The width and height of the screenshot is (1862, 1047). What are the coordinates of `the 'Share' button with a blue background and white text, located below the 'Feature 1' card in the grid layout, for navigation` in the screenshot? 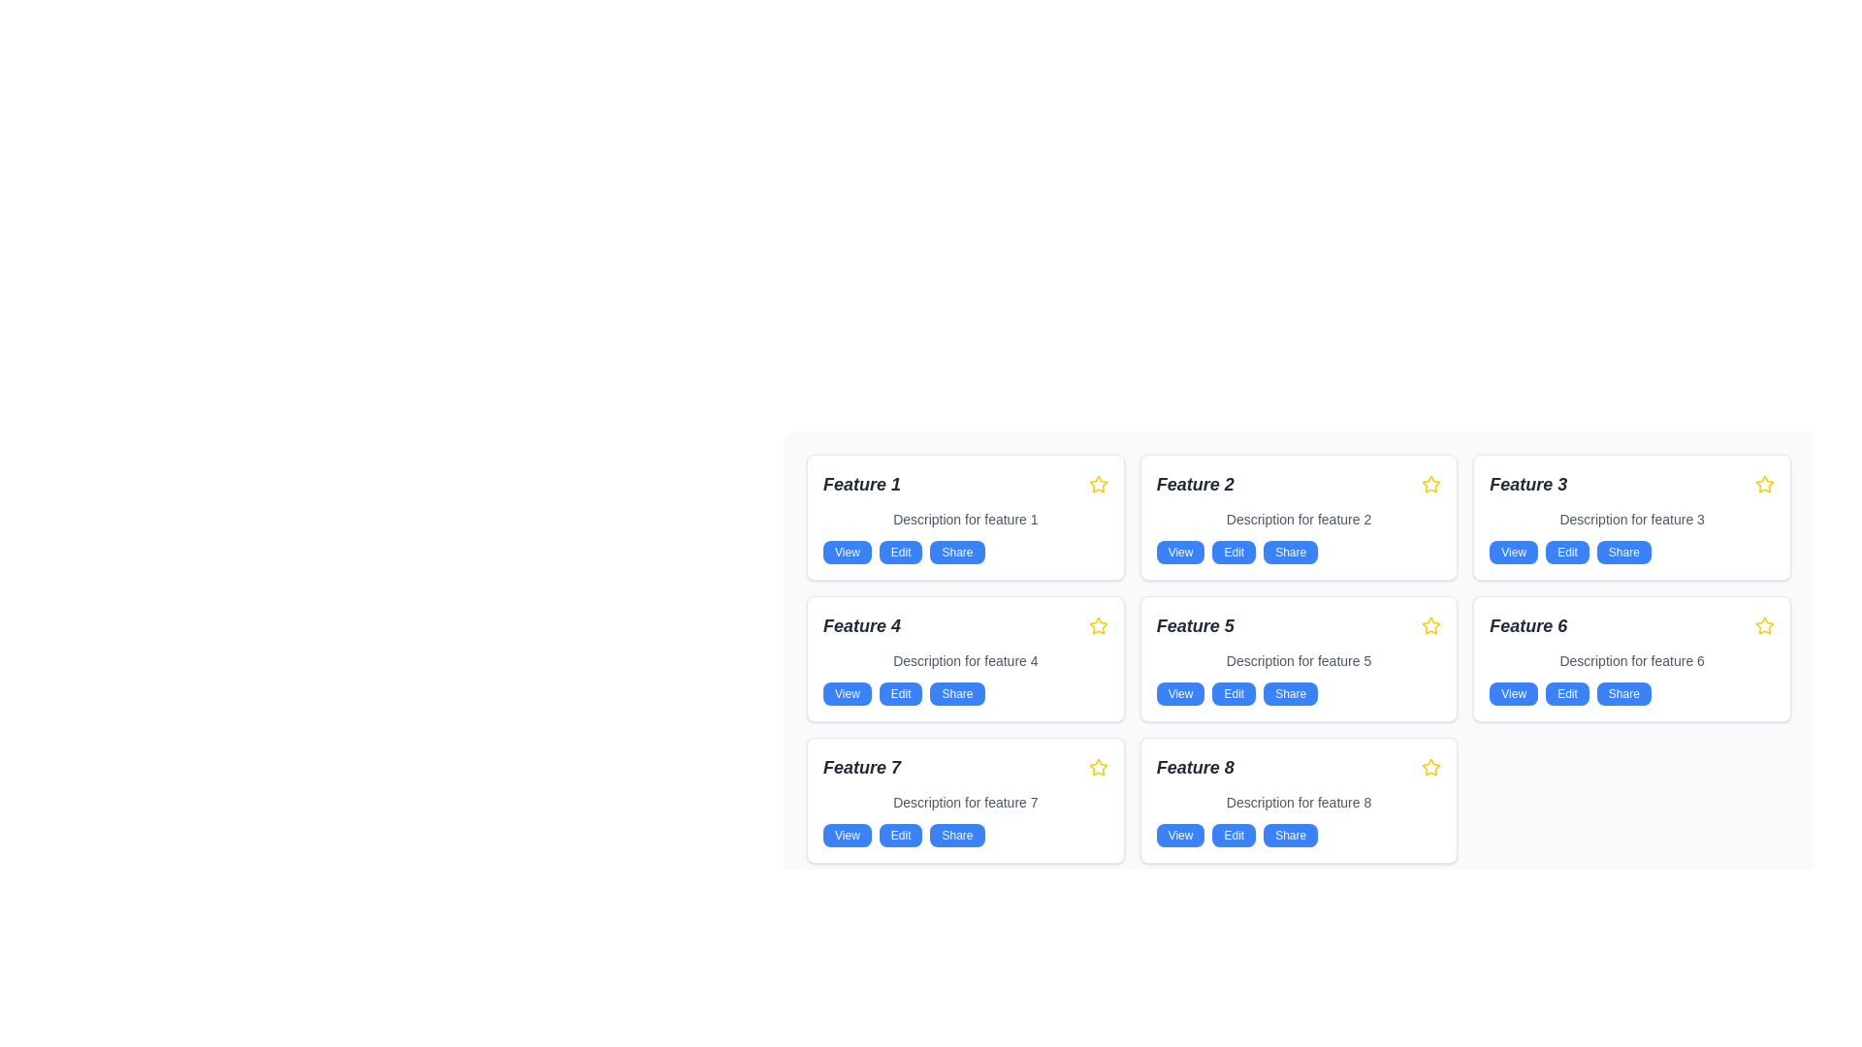 It's located at (957, 553).